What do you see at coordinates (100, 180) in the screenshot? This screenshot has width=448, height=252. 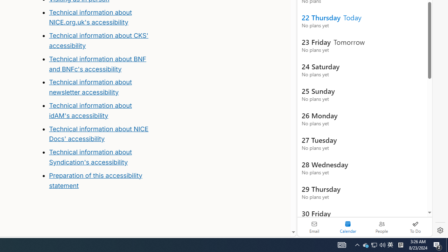 I see `'Preparation of this accessibility statement'` at bounding box center [100, 180].